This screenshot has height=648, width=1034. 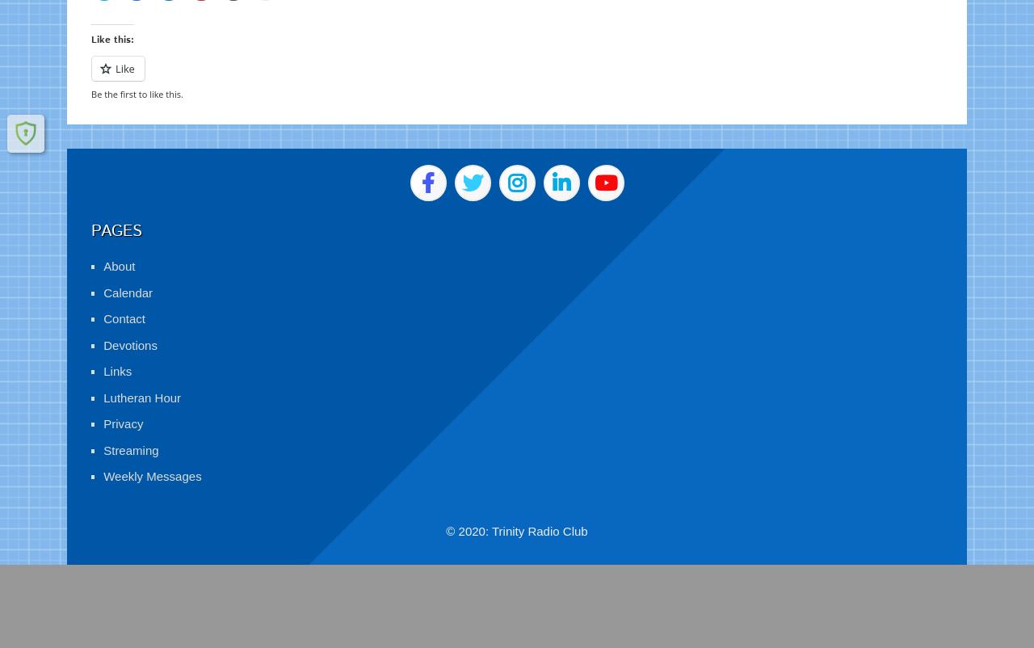 I want to click on 'Devotions', so click(x=130, y=326).